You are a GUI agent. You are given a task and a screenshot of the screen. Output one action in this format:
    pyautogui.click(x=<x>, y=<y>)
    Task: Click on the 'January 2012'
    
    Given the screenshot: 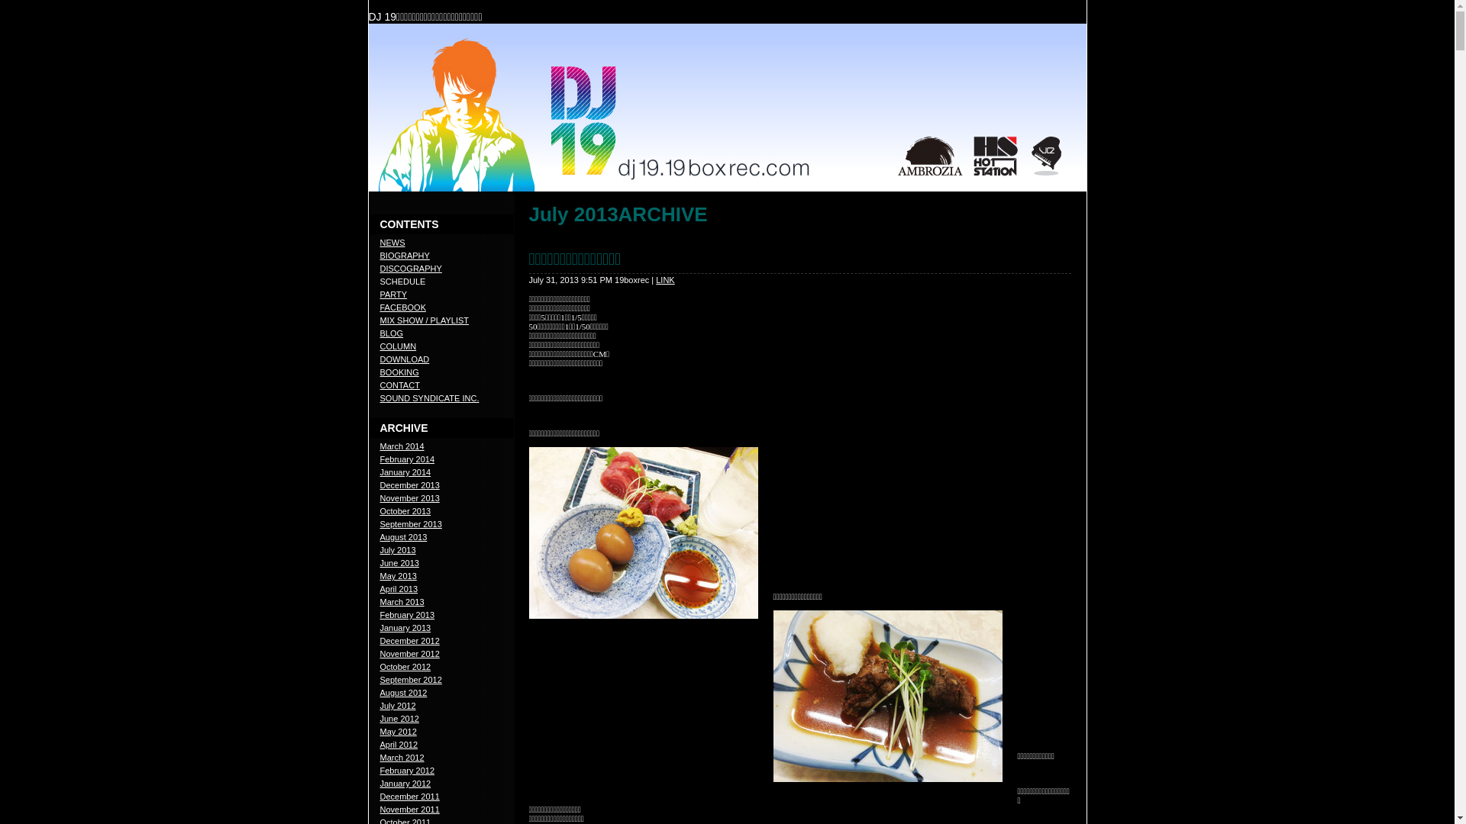 What is the action you would take?
    pyautogui.click(x=405, y=783)
    